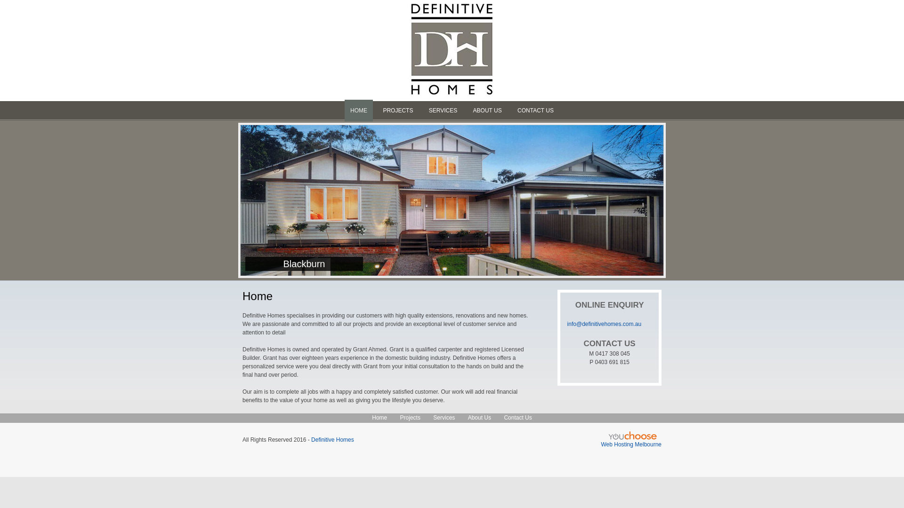 The image size is (904, 508). I want to click on '5', so click(473, 132).